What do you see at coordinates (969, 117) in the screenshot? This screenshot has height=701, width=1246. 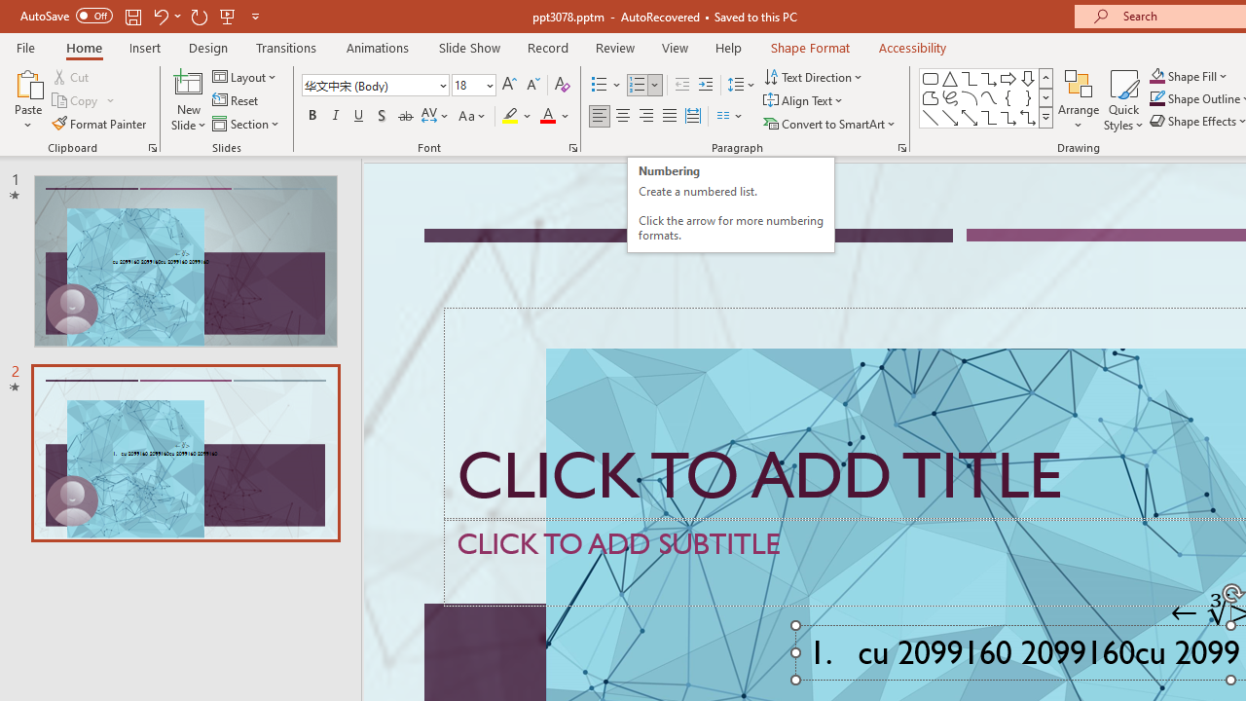 I see `'Line Arrow: Double'` at bounding box center [969, 117].